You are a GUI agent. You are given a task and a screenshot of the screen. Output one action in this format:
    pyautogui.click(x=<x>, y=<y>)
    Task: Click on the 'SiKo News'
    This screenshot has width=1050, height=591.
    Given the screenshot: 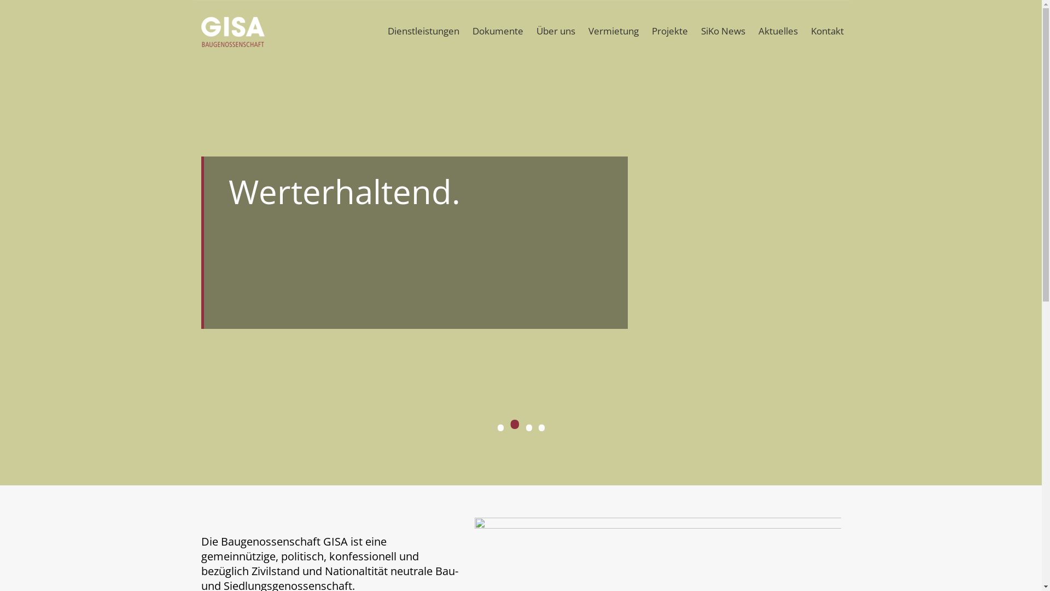 What is the action you would take?
    pyautogui.click(x=723, y=30)
    